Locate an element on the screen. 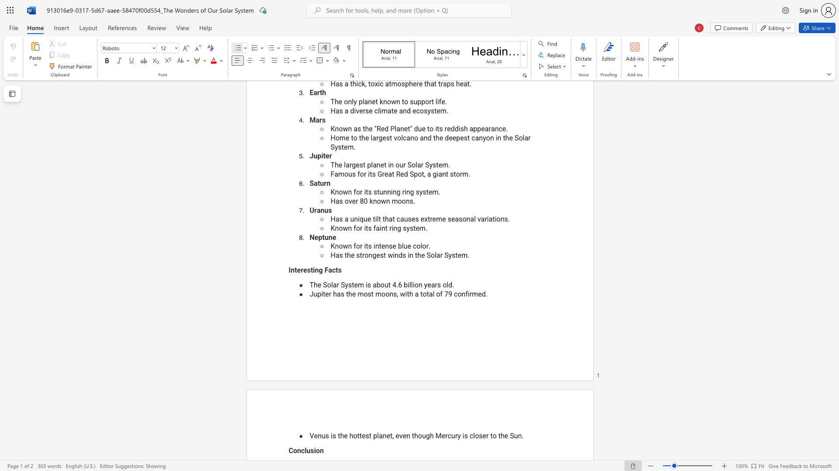 Image resolution: width=839 pixels, height=471 pixels. the 1th character "l" in the text is located at coordinates (305, 451).